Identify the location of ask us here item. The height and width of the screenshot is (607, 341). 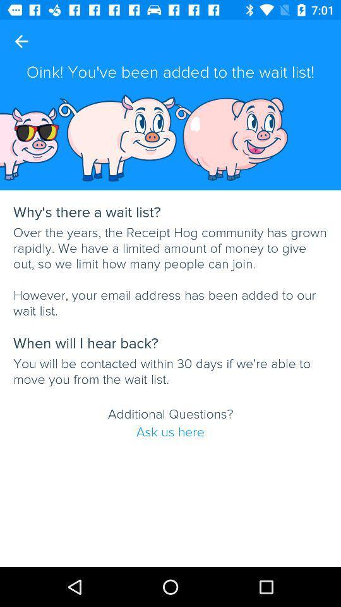
(170, 432).